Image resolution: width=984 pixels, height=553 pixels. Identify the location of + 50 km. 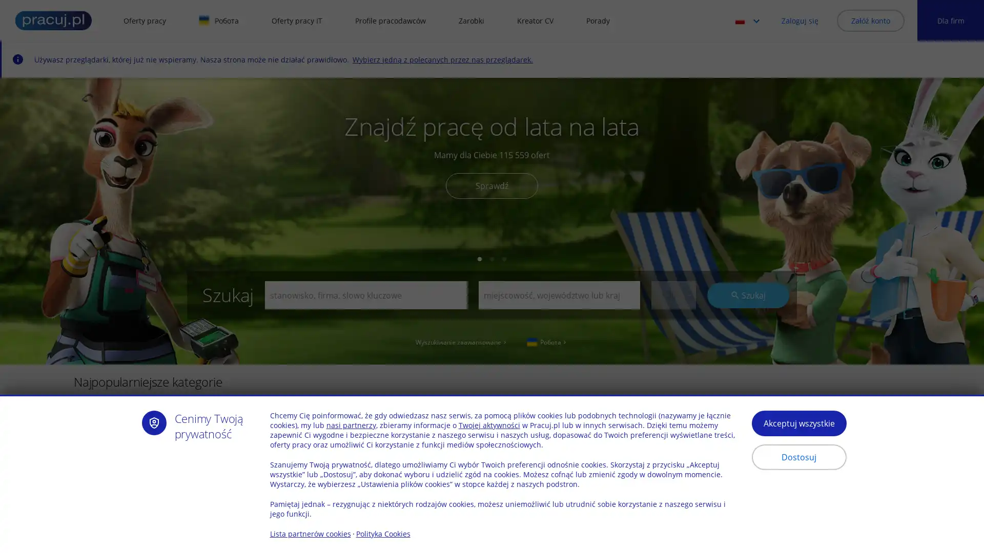
(673, 470).